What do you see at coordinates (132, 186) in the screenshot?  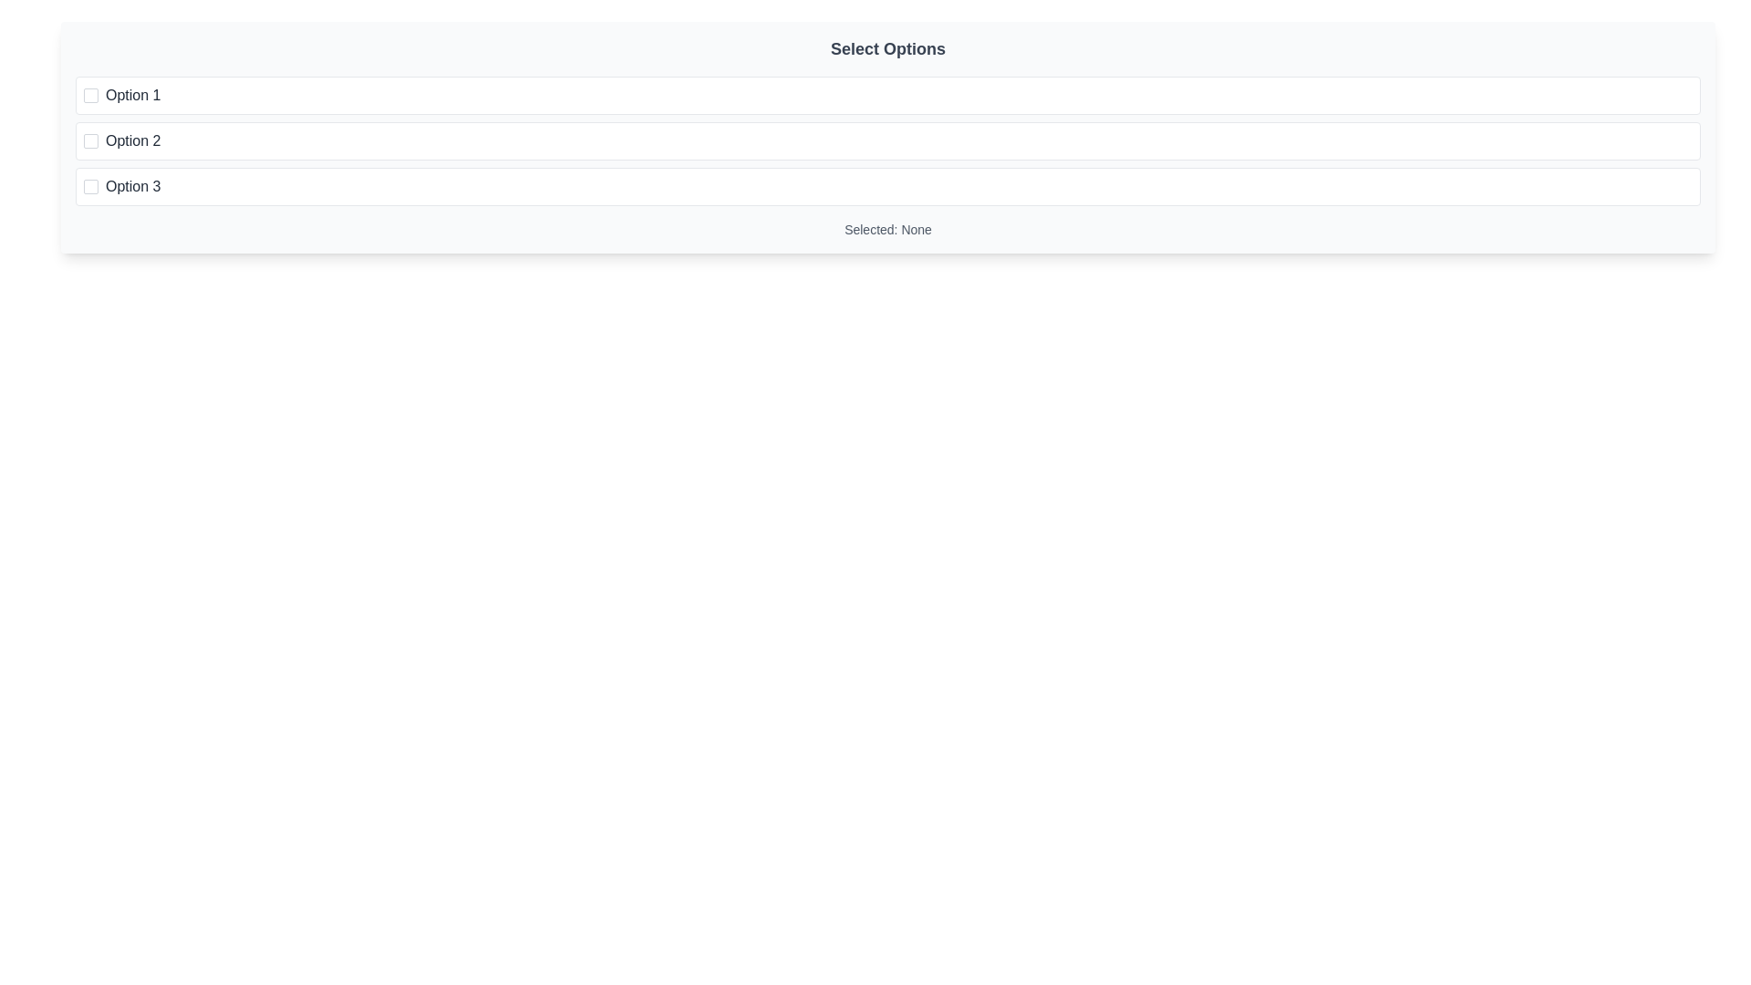 I see `the 'Option 3' label` at bounding box center [132, 186].